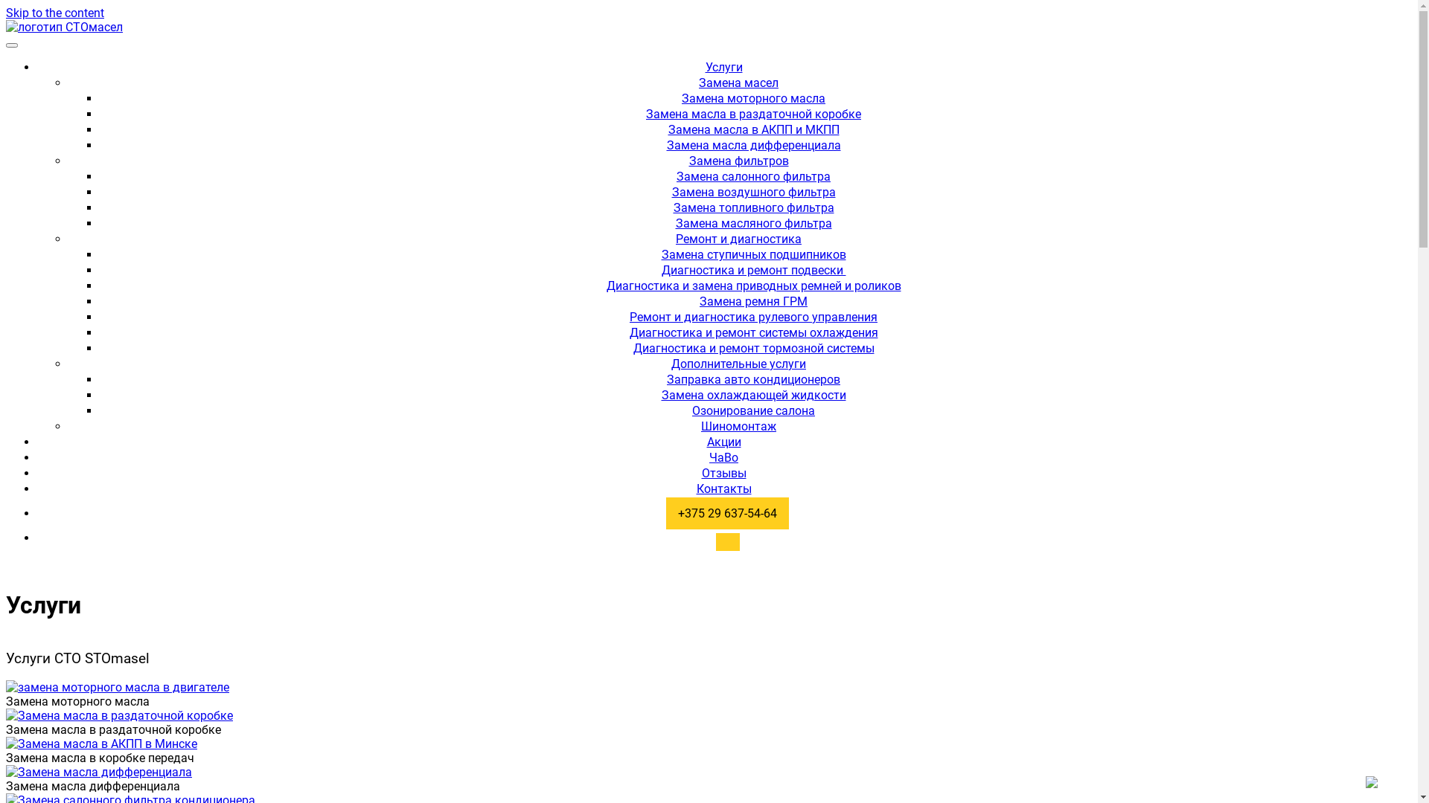 The width and height of the screenshot is (1429, 803). Describe the element at coordinates (723, 512) in the screenshot. I see `'+375 29 637-54-64'` at that location.